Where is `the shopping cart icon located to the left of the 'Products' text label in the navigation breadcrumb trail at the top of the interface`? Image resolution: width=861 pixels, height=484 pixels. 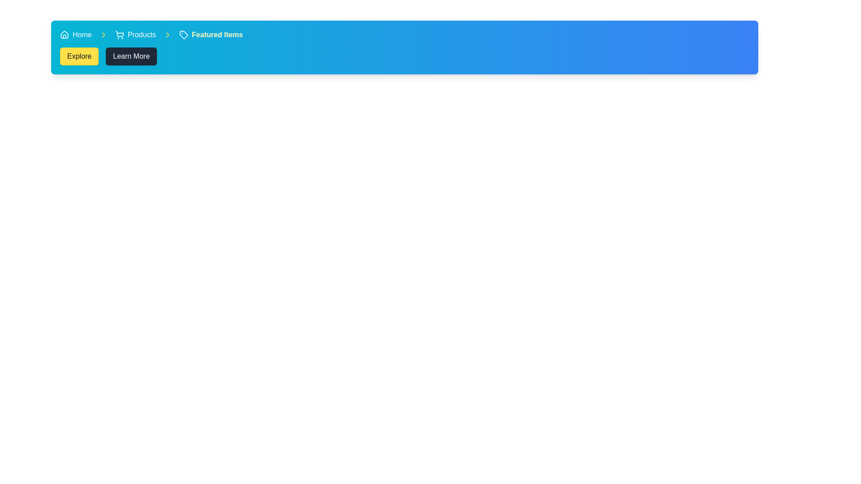
the shopping cart icon located to the left of the 'Products' text label in the navigation breadcrumb trail at the top of the interface is located at coordinates (119, 34).